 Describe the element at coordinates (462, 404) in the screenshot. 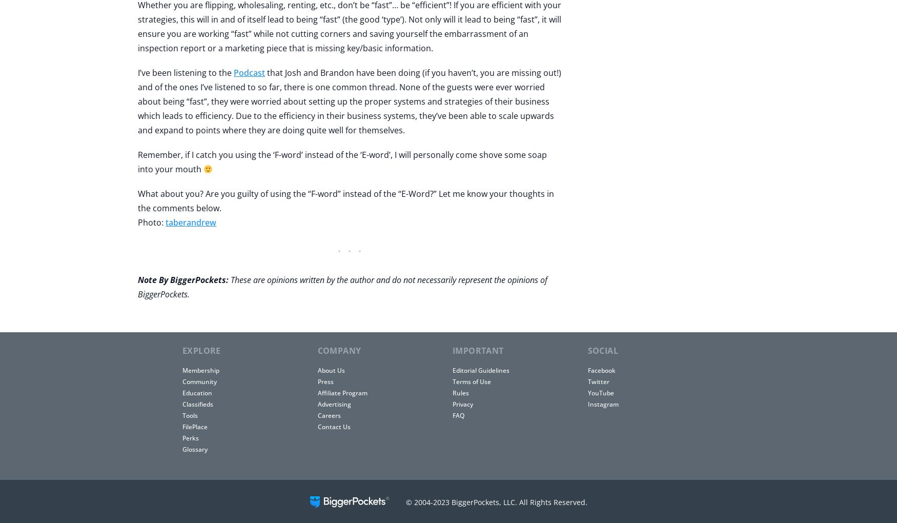

I see `'Privacy'` at that location.